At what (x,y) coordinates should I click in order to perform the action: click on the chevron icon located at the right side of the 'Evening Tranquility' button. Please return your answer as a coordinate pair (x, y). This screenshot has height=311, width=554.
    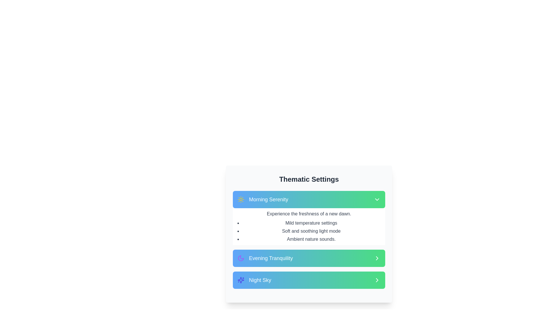
    Looking at the image, I should click on (377, 258).